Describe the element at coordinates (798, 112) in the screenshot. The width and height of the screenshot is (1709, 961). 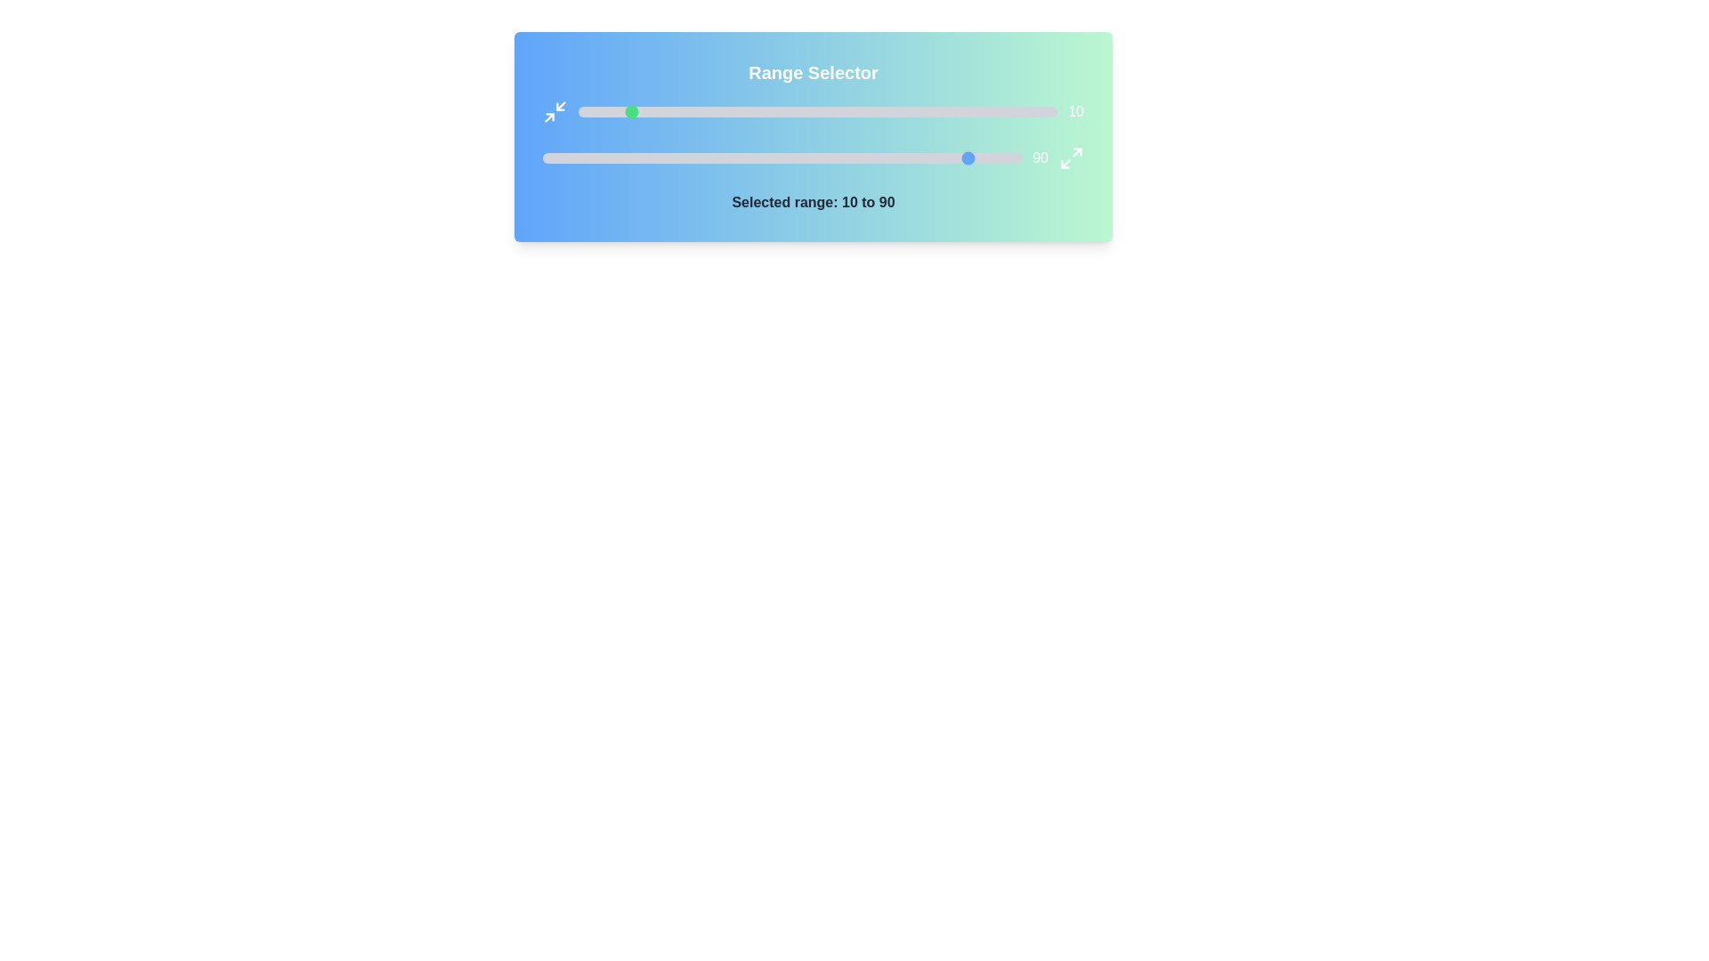
I see `the slider` at that location.